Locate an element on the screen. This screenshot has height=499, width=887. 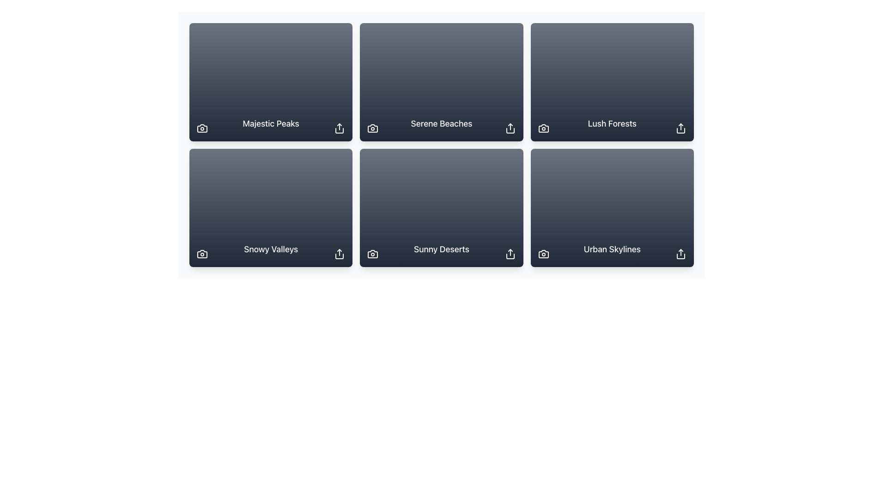
the camera icon with a white outline located at the bottom-left corner of the 'Urban Skylines' card is located at coordinates (543, 254).